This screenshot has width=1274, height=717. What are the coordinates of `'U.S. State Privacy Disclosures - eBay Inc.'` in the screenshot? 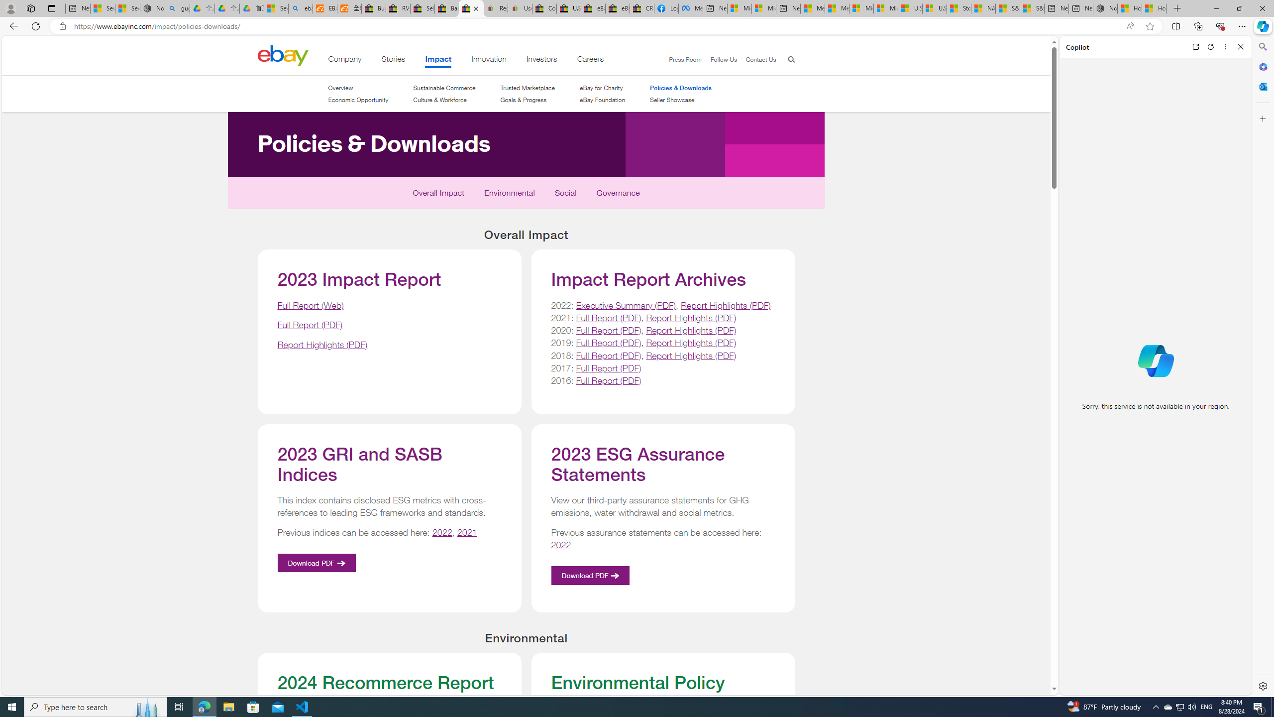 It's located at (568, 8).